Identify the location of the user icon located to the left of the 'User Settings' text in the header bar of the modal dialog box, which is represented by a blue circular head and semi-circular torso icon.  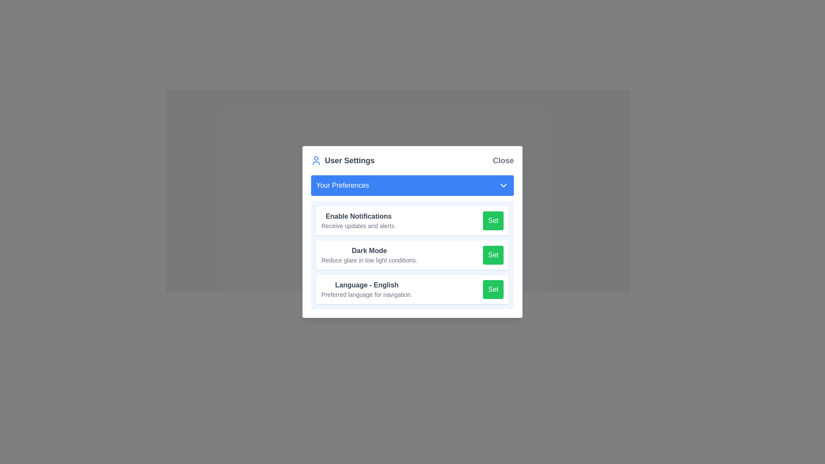
(315, 161).